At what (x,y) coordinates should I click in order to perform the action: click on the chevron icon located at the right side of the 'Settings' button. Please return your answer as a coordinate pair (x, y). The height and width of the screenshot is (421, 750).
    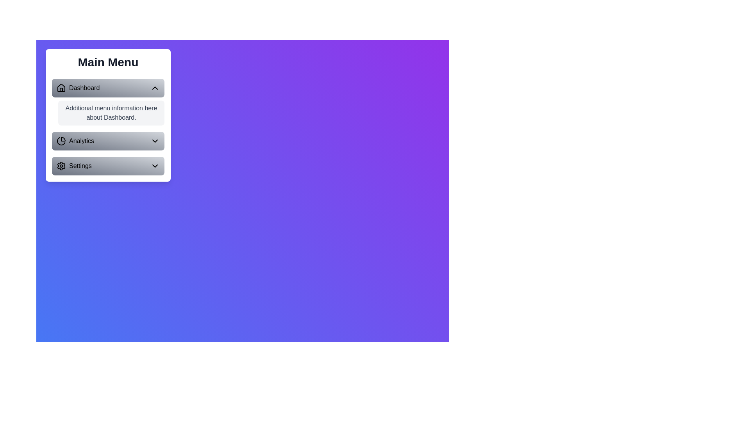
    Looking at the image, I should click on (155, 165).